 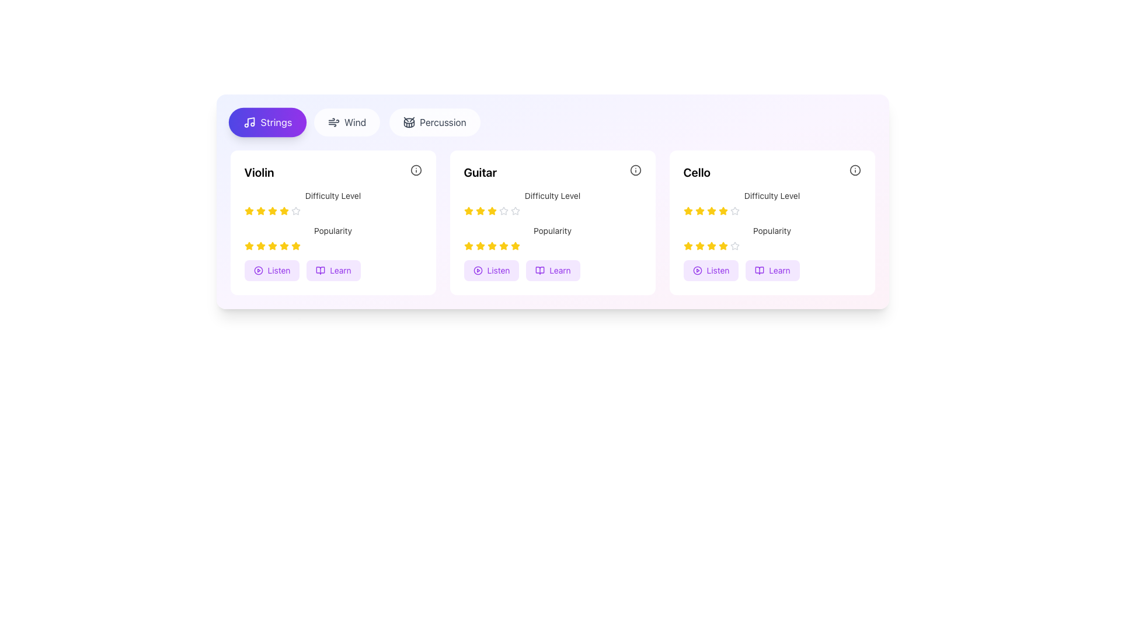 I want to click on text 'Guitar' displayed on the bold text label located at the top-left corner of the content card, so click(x=480, y=173).